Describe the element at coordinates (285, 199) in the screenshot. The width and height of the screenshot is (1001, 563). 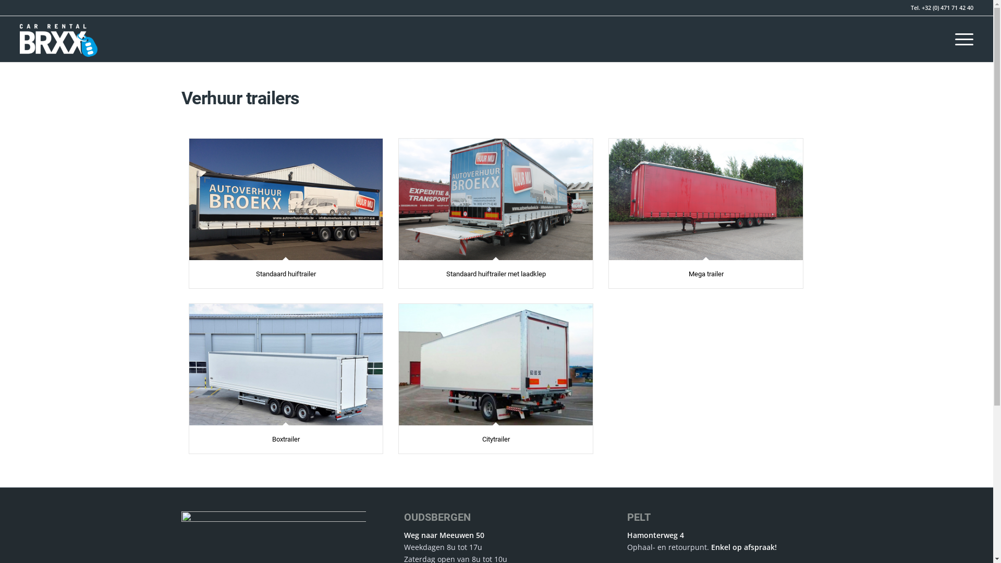
I see `'Standaard huiftrailer'` at that location.